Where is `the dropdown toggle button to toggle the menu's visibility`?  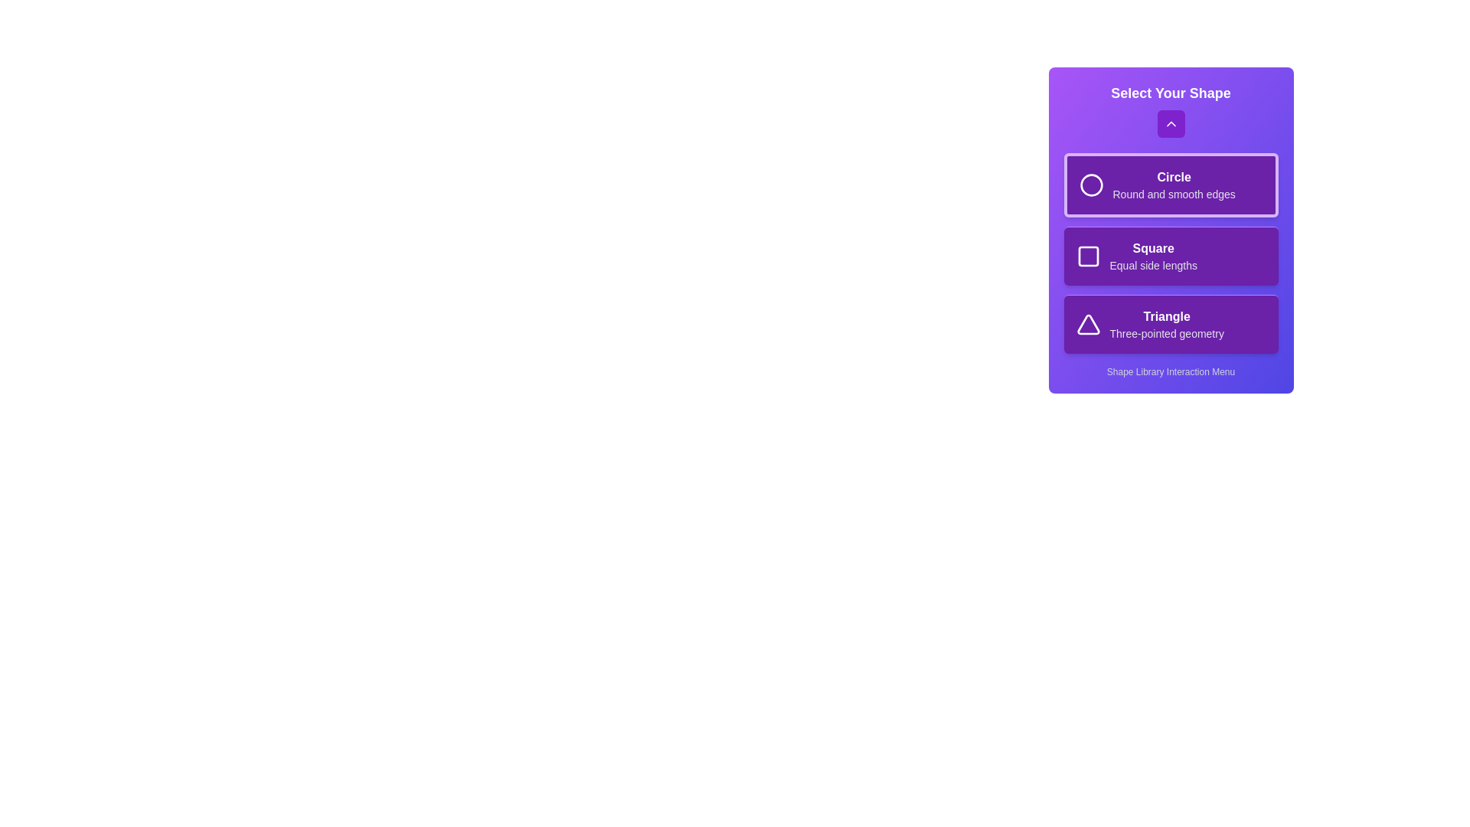
the dropdown toggle button to toggle the menu's visibility is located at coordinates (1170, 123).